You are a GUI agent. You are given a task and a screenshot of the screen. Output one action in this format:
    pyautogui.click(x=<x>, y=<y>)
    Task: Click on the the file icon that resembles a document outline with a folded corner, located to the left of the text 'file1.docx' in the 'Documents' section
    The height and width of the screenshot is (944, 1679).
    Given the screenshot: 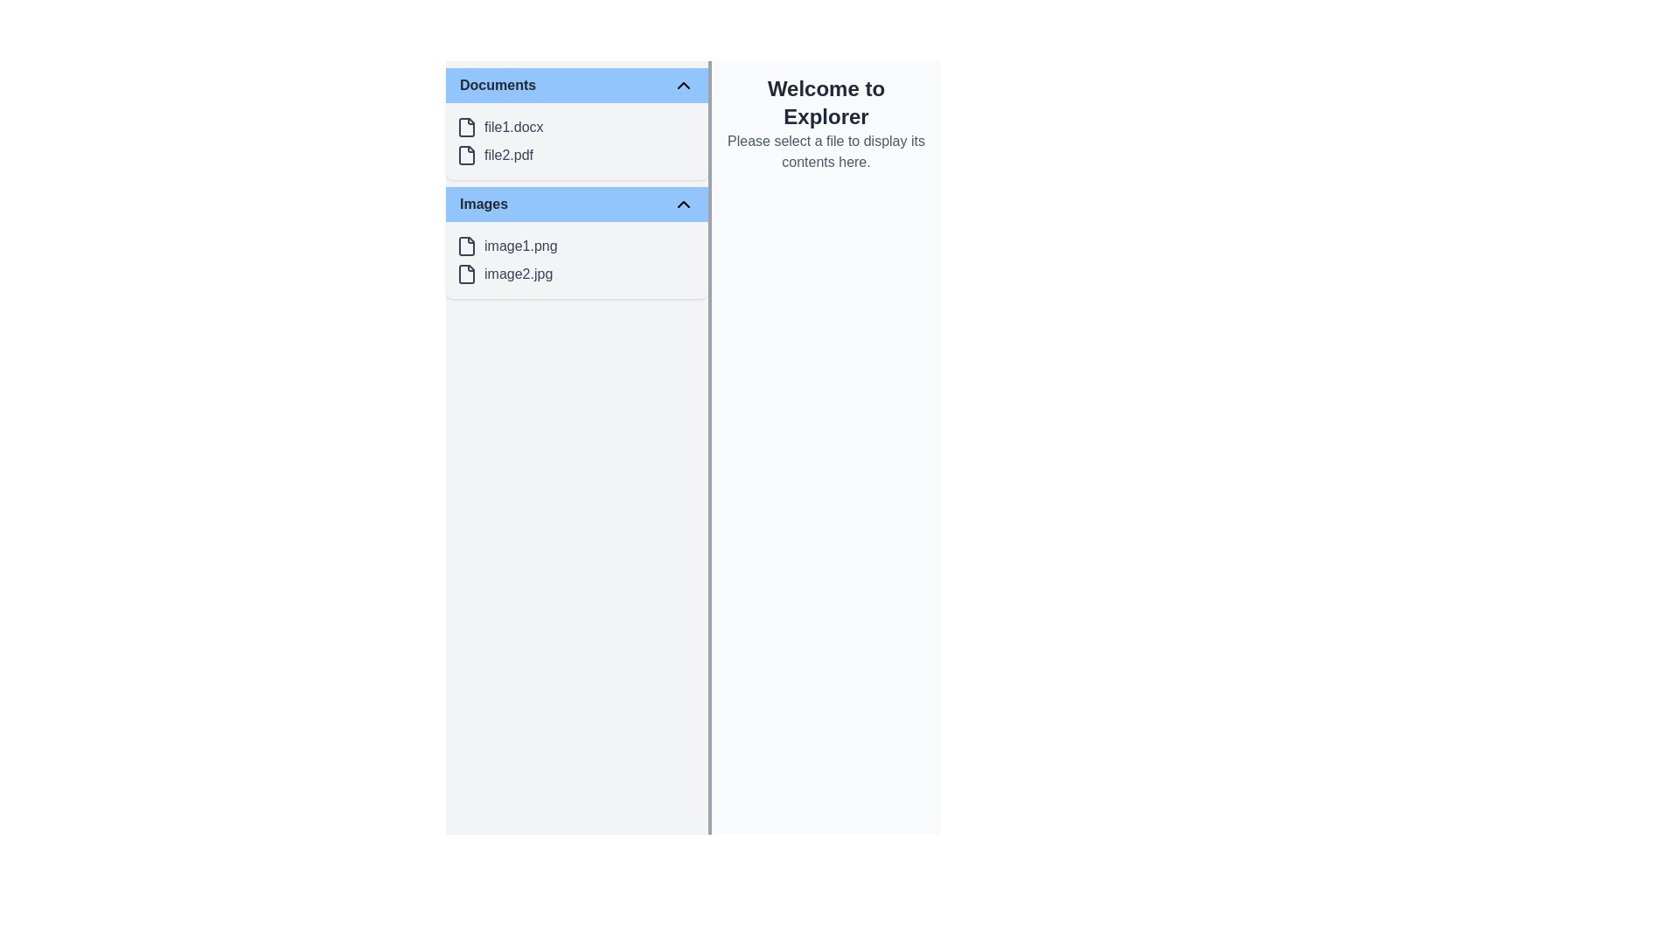 What is the action you would take?
    pyautogui.click(x=466, y=127)
    